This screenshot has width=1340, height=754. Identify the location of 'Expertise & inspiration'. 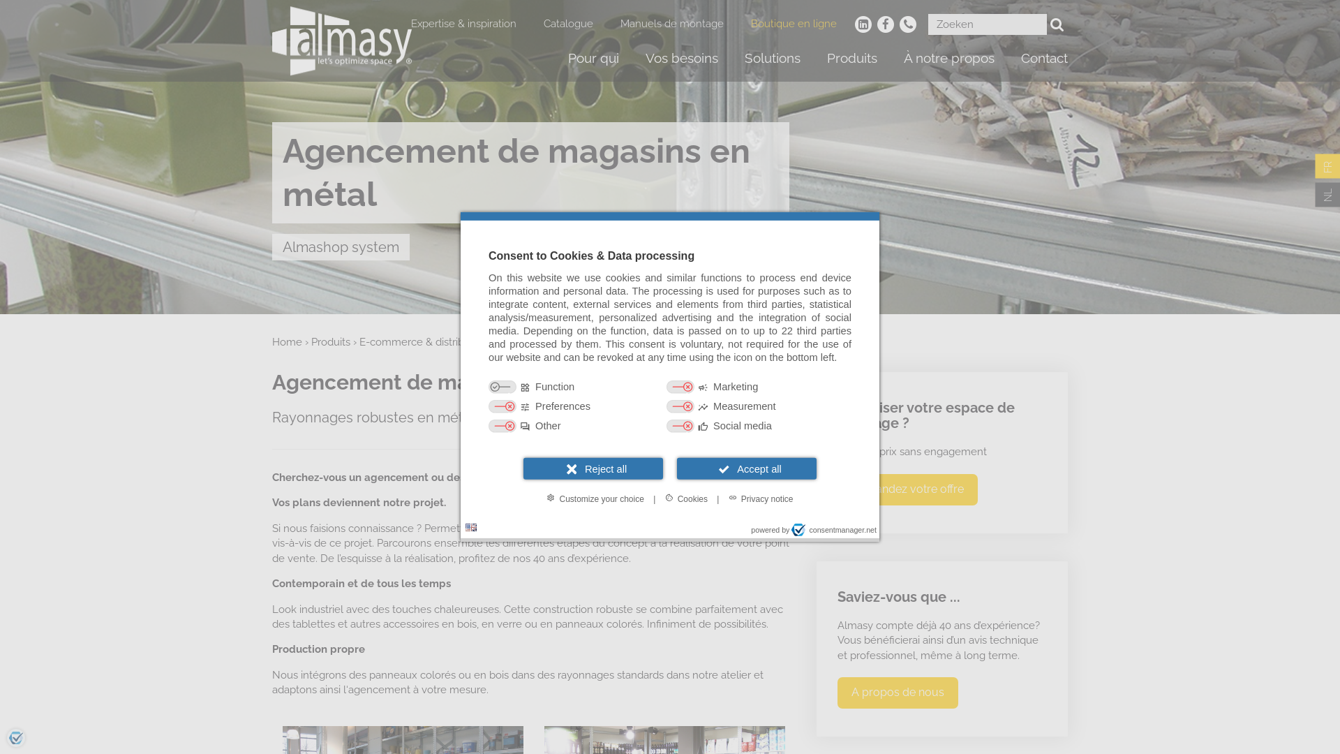
(463, 24).